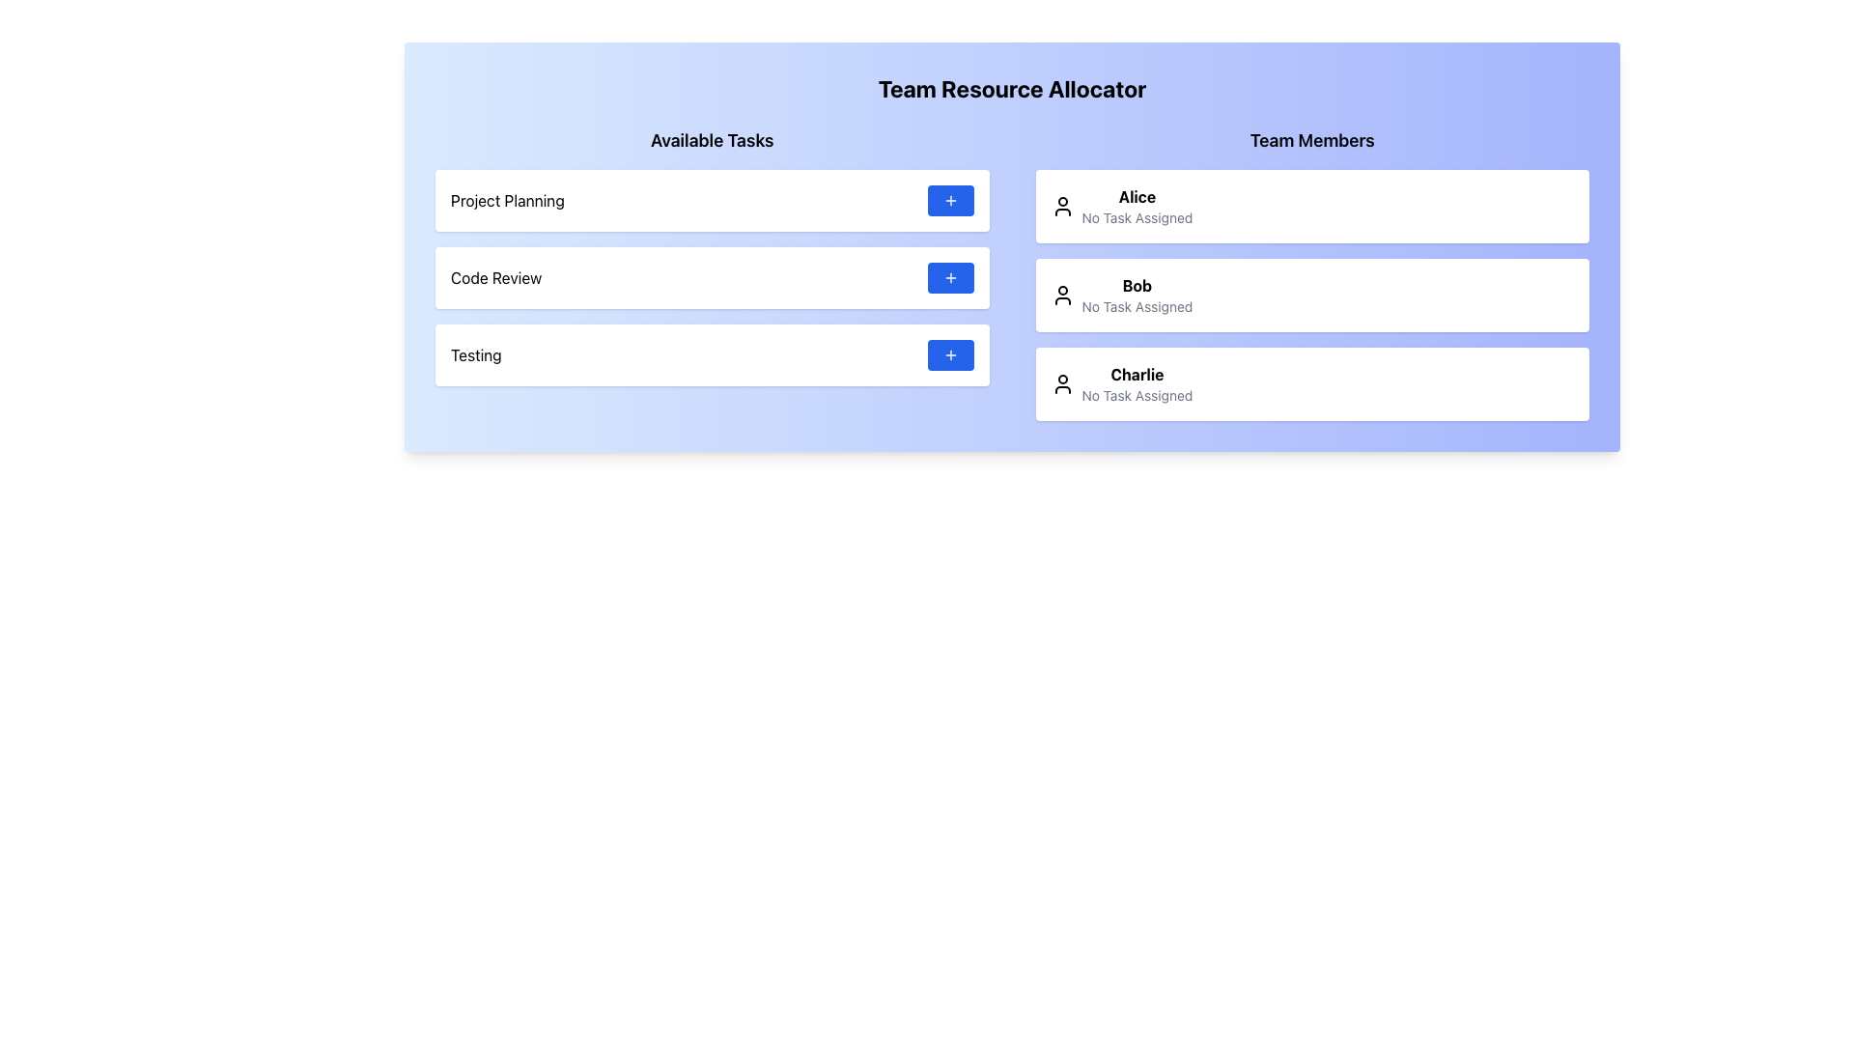 The width and height of the screenshot is (1854, 1043). What do you see at coordinates (950, 354) in the screenshot?
I see `the SVG icon representing a plus sign ('+') symbol, which is located inside a blue rounded rectangular button that is the third in a vertical list` at bounding box center [950, 354].